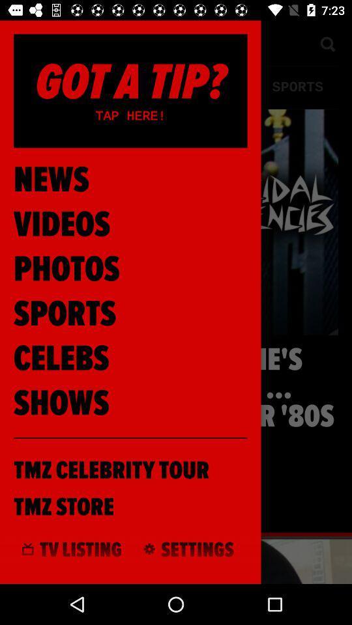 Image resolution: width=352 pixels, height=625 pixels. Describe the element at coordinates (327, 43) in the screenshot. I see `the search icon` at that location.